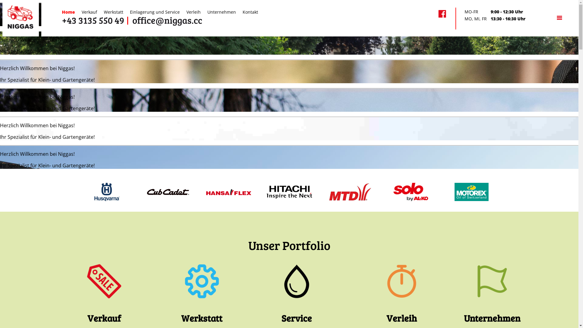 This screenshot has width=583, height=328. I want to click on '+43 3135 550 49', so click(93, 19).